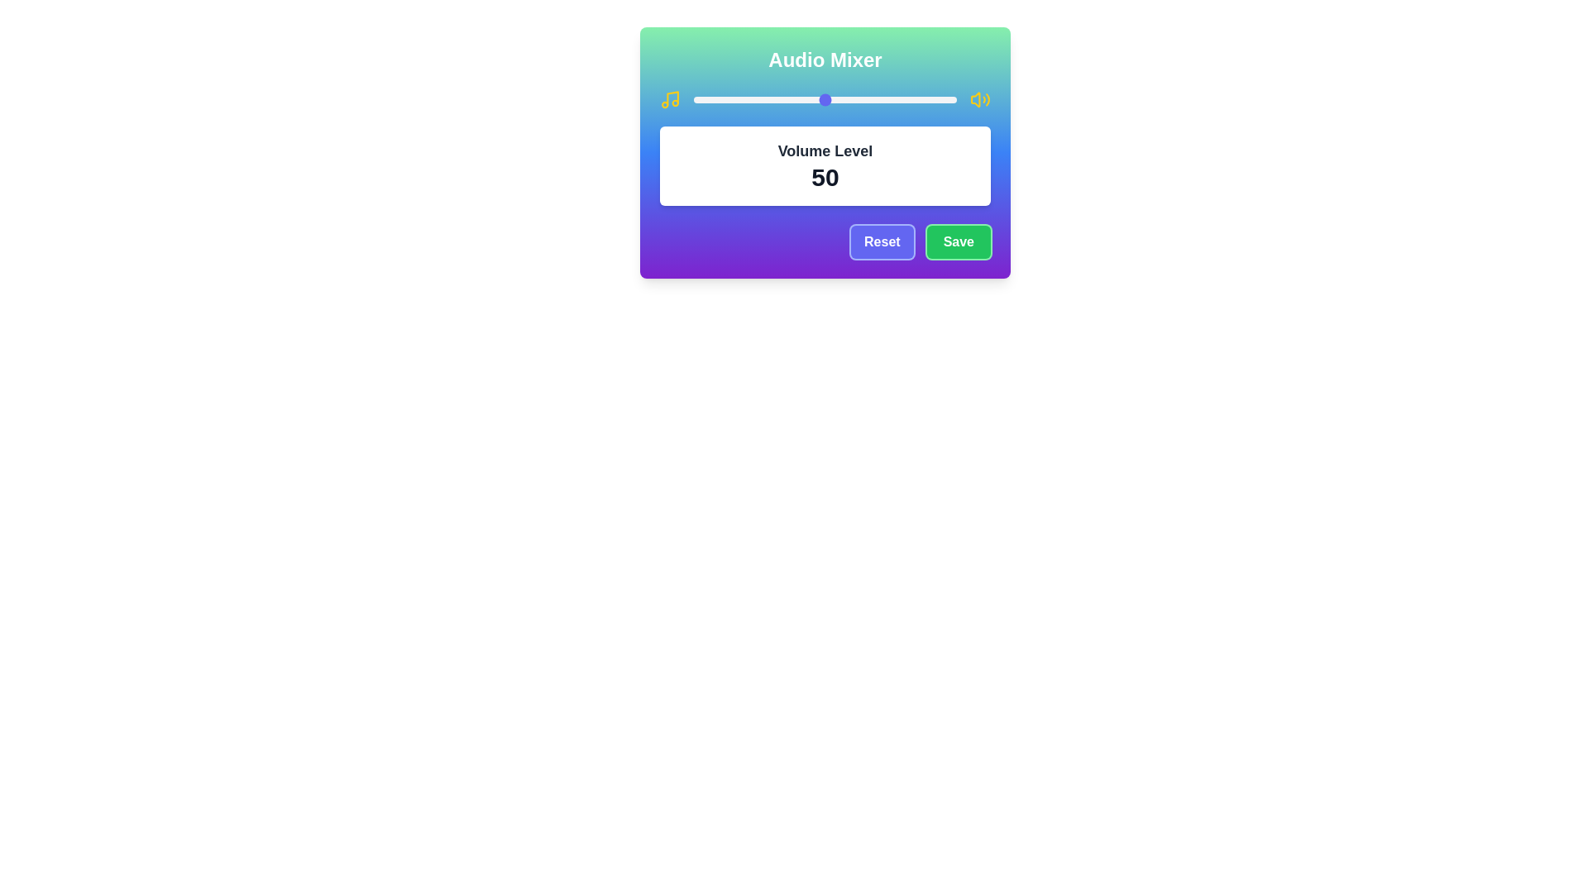 This screenshot has width=1588, height=893. What do you see at coordinates (798, 99) in the screenshot?
I see `the slider` at bounding box center [798, 99].